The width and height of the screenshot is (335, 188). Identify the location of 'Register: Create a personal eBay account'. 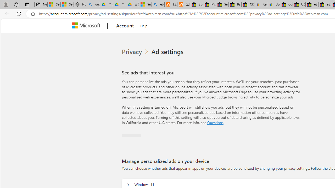
(260, 4).